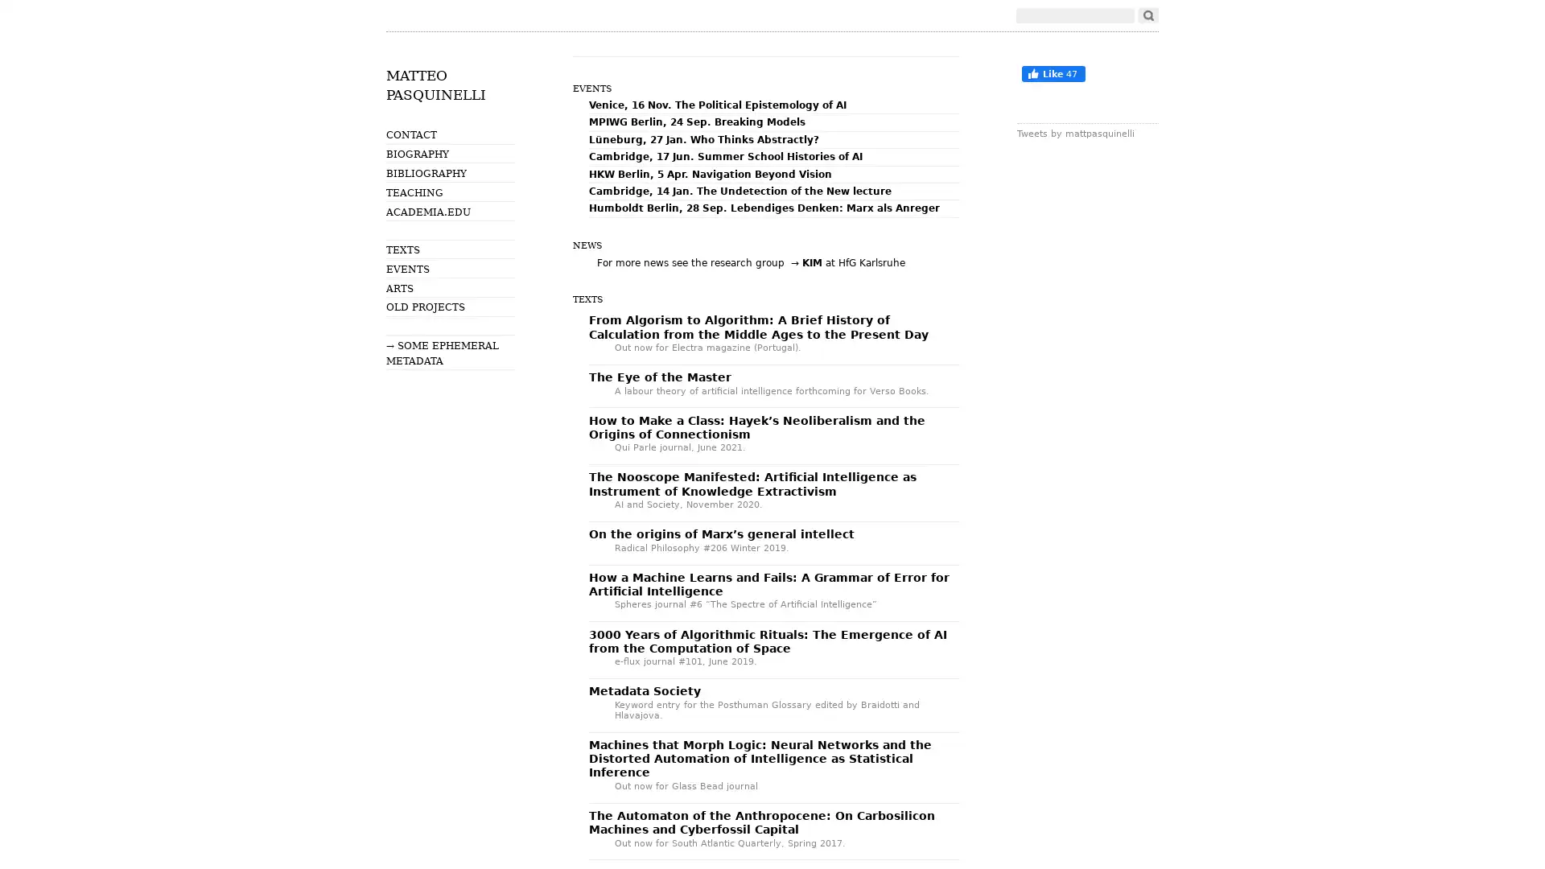 This screenshot has height=869, width=1545. Describe the element at coordinates (1147, 15) in the screenshot. I see `Go` at that location.